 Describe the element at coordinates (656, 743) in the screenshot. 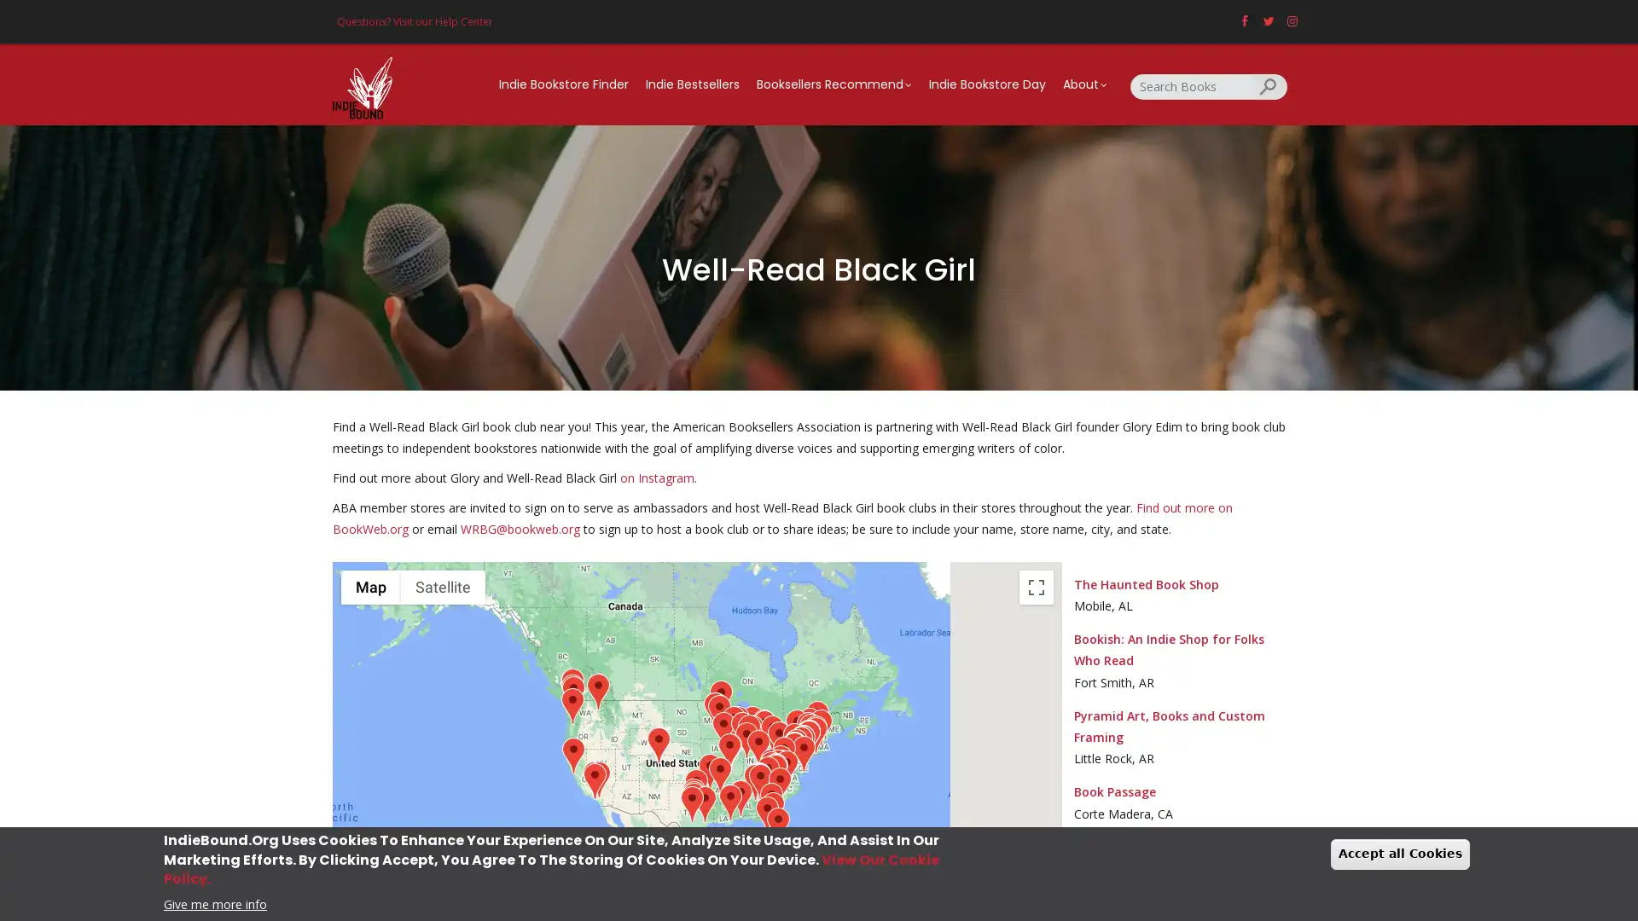

I see `32nd Avenue Books, Toys & Gifts` at that location.